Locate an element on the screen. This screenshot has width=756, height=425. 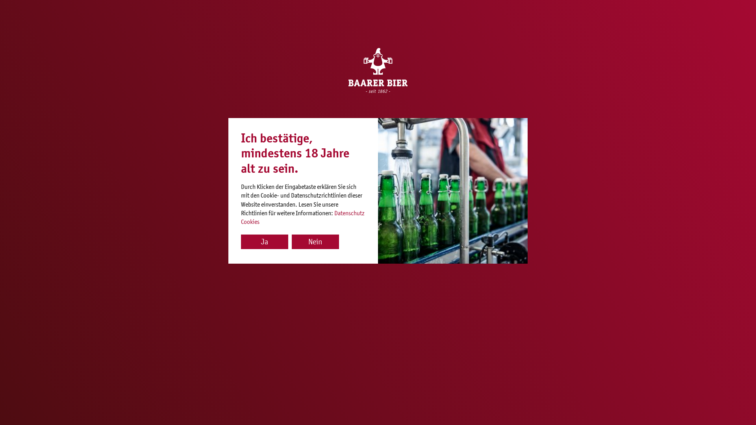
'Ja' is located at coordinates (265, 241).